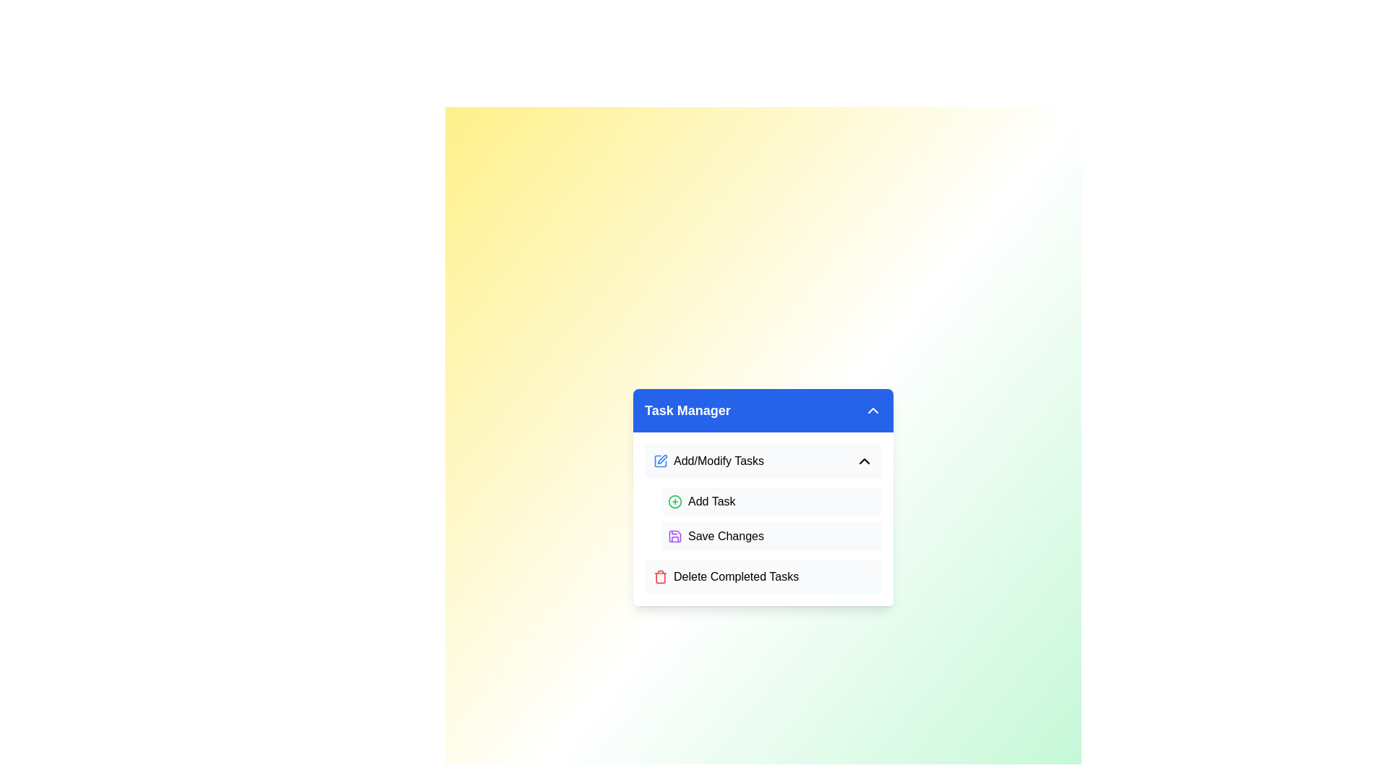 The width and height of the screenshot is (1388, 781). What do you see at coordinates (873, 410) in the screenshot?
I see `the downward-pointing chevron icon with a blue background in the header of the 'Task Manager' section` at bounding box center [873, 410].